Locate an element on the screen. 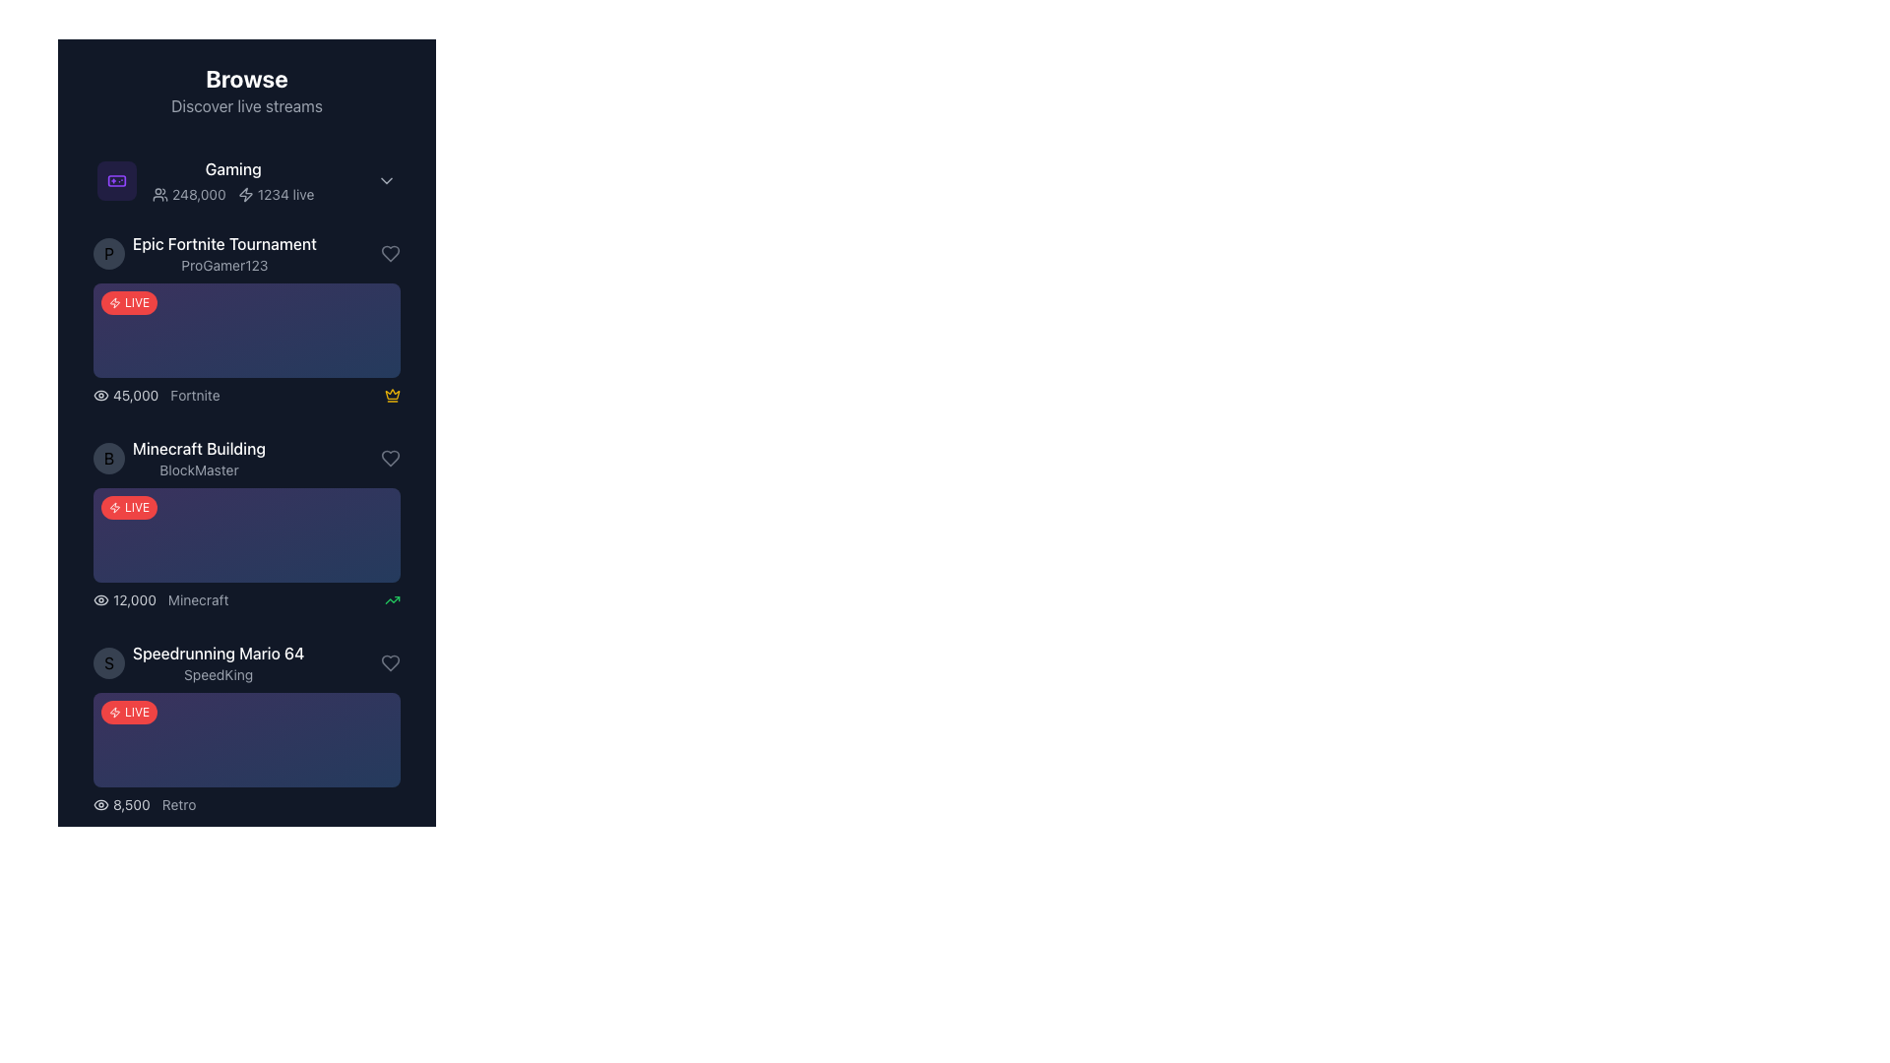 This screenshot has width=1890, height=1063. the eye icon representing visibility or viewer count, which is located to the left of the view count text '8,500' for the content titled 'Speedrunning Mario 64' is located at coordinates (99, 804).